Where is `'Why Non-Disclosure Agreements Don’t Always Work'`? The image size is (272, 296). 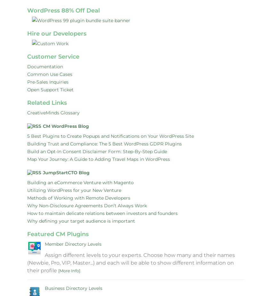 'Why Non-Disclosure Agreements Don’t Always Work' is located at coordinates (87, 205).